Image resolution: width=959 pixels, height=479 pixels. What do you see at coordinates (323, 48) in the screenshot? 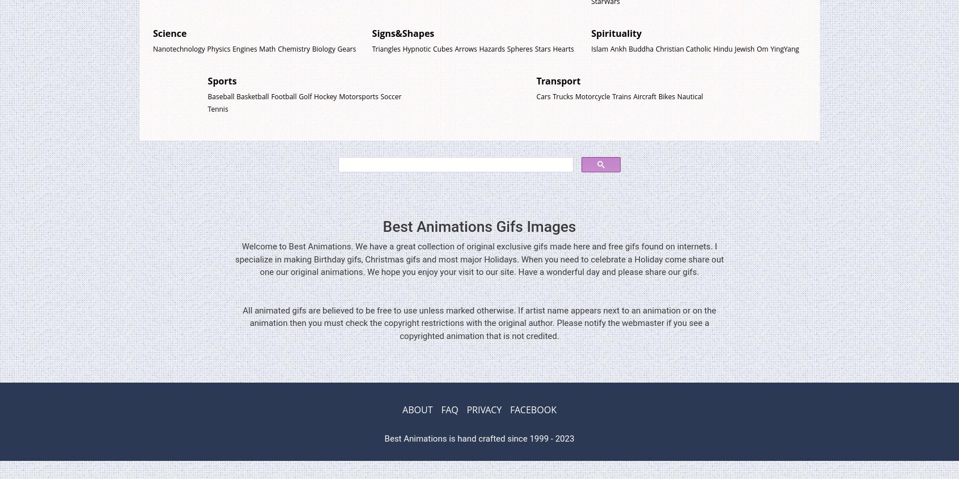
I see `'Biology'` at bounding box center [323, 48].